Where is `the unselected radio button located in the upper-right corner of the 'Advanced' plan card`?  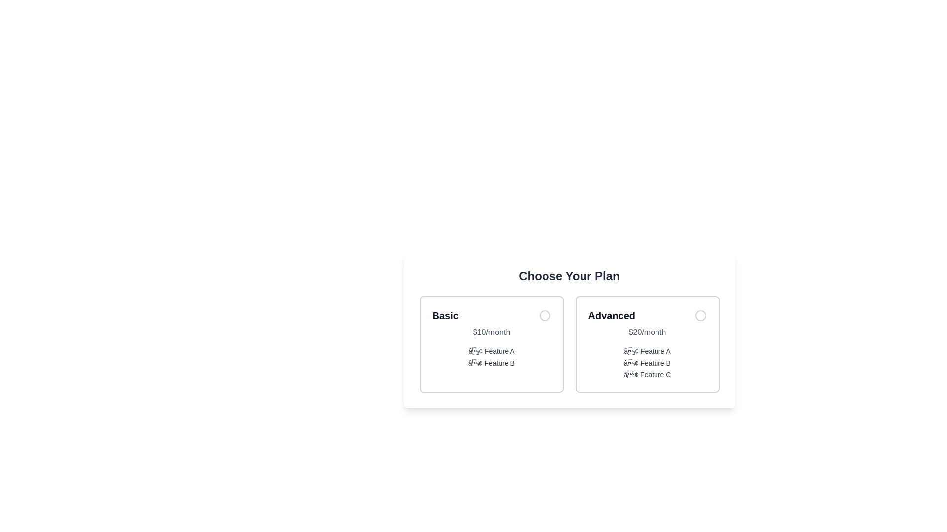
the unselected radio button located in the upper-right corner of the 'Advanced' plan card is located at coordinates (700, 315).